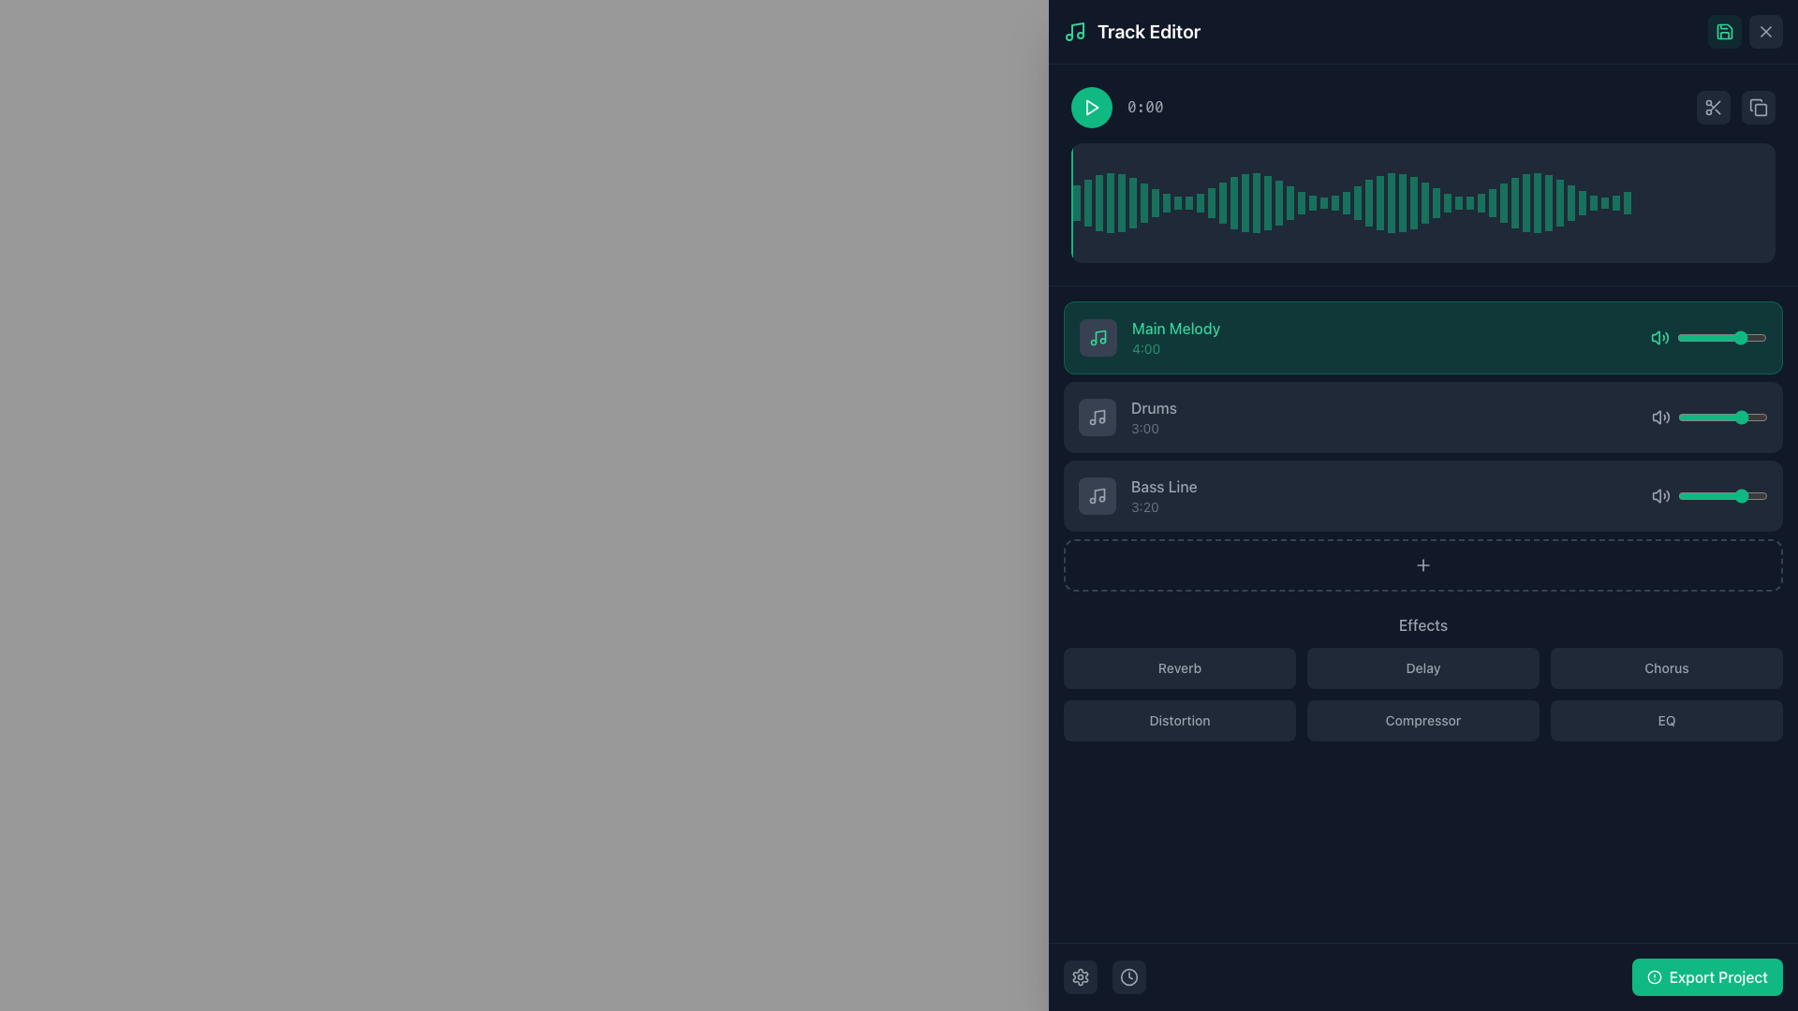 This screenshot has width=1798, height=1011. Describe the element at coordinates (1423, 678) in the screenshot. I see `the 'Delay' button with light gray text on a dark background located in the first row, second column of the 'Effects' grid` at that location.